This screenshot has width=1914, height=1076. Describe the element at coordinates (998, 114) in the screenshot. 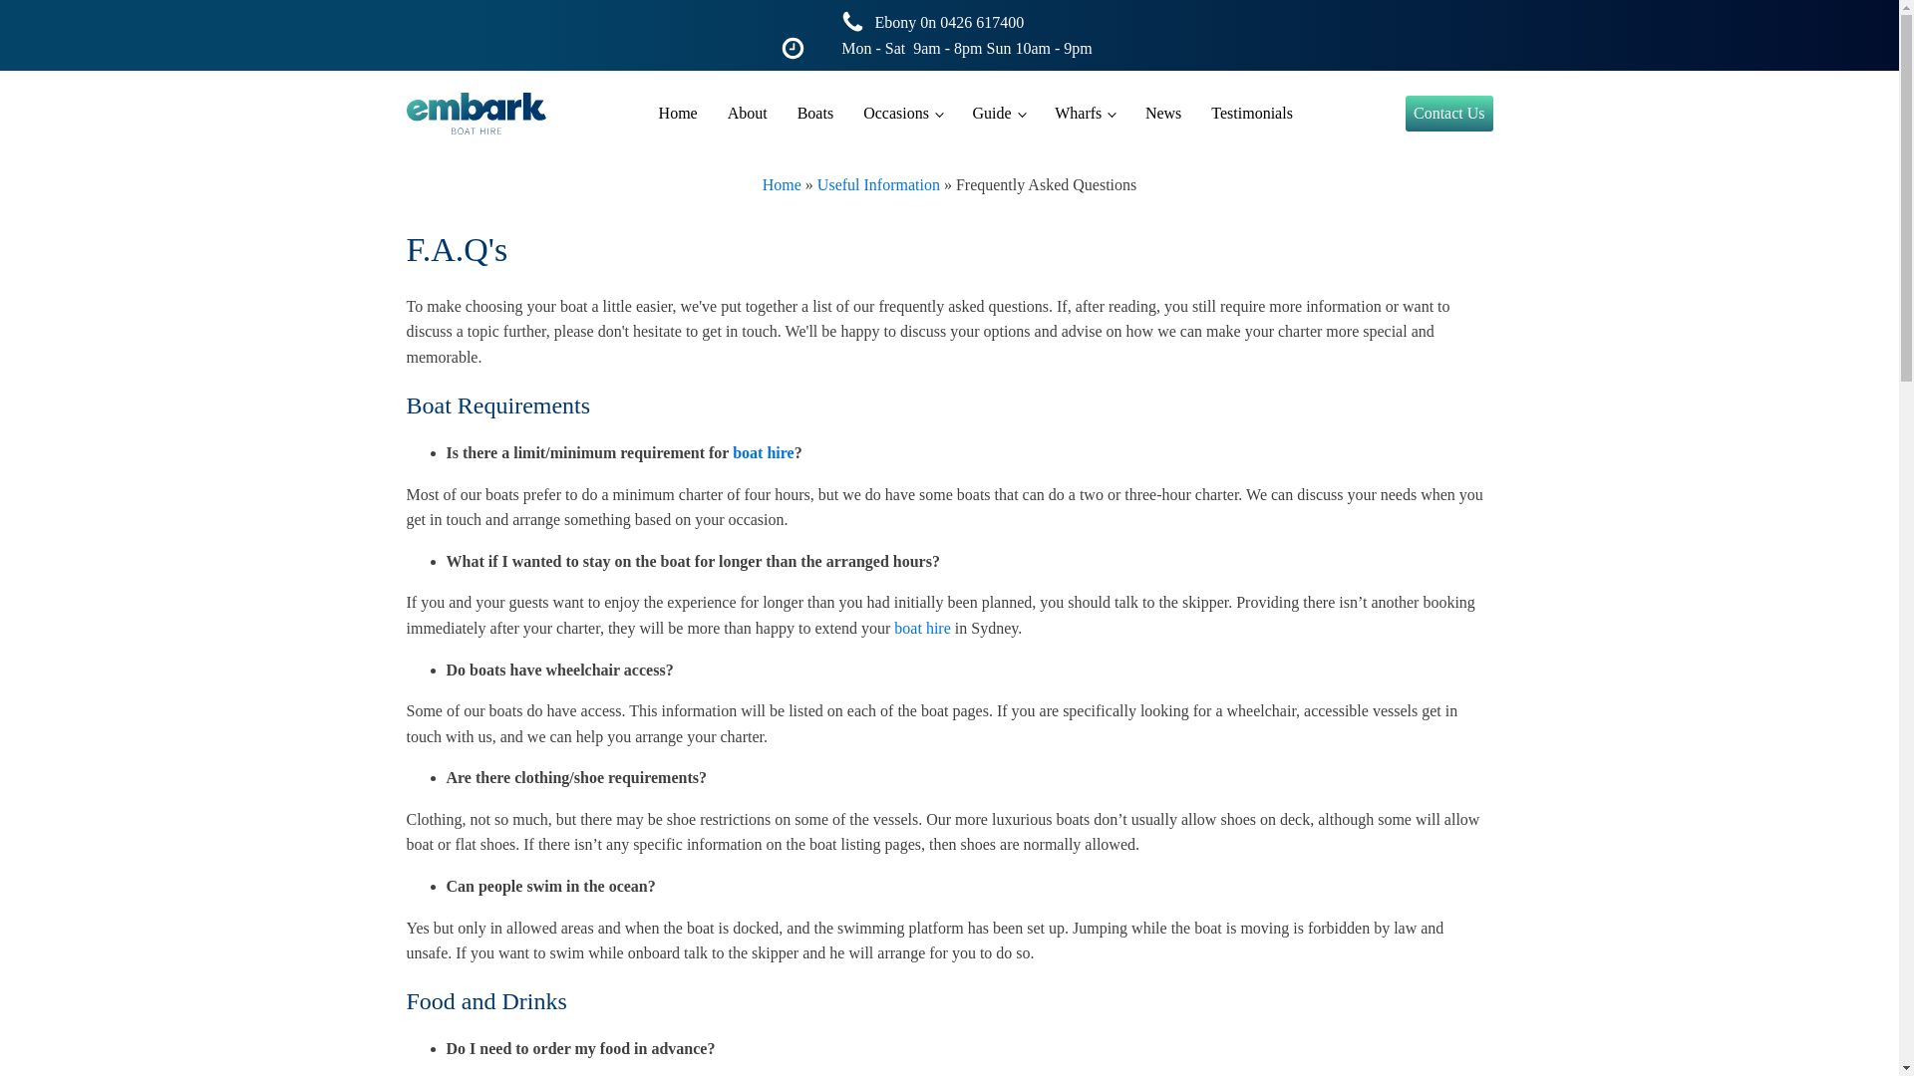

I see `'Guide'` at that location.